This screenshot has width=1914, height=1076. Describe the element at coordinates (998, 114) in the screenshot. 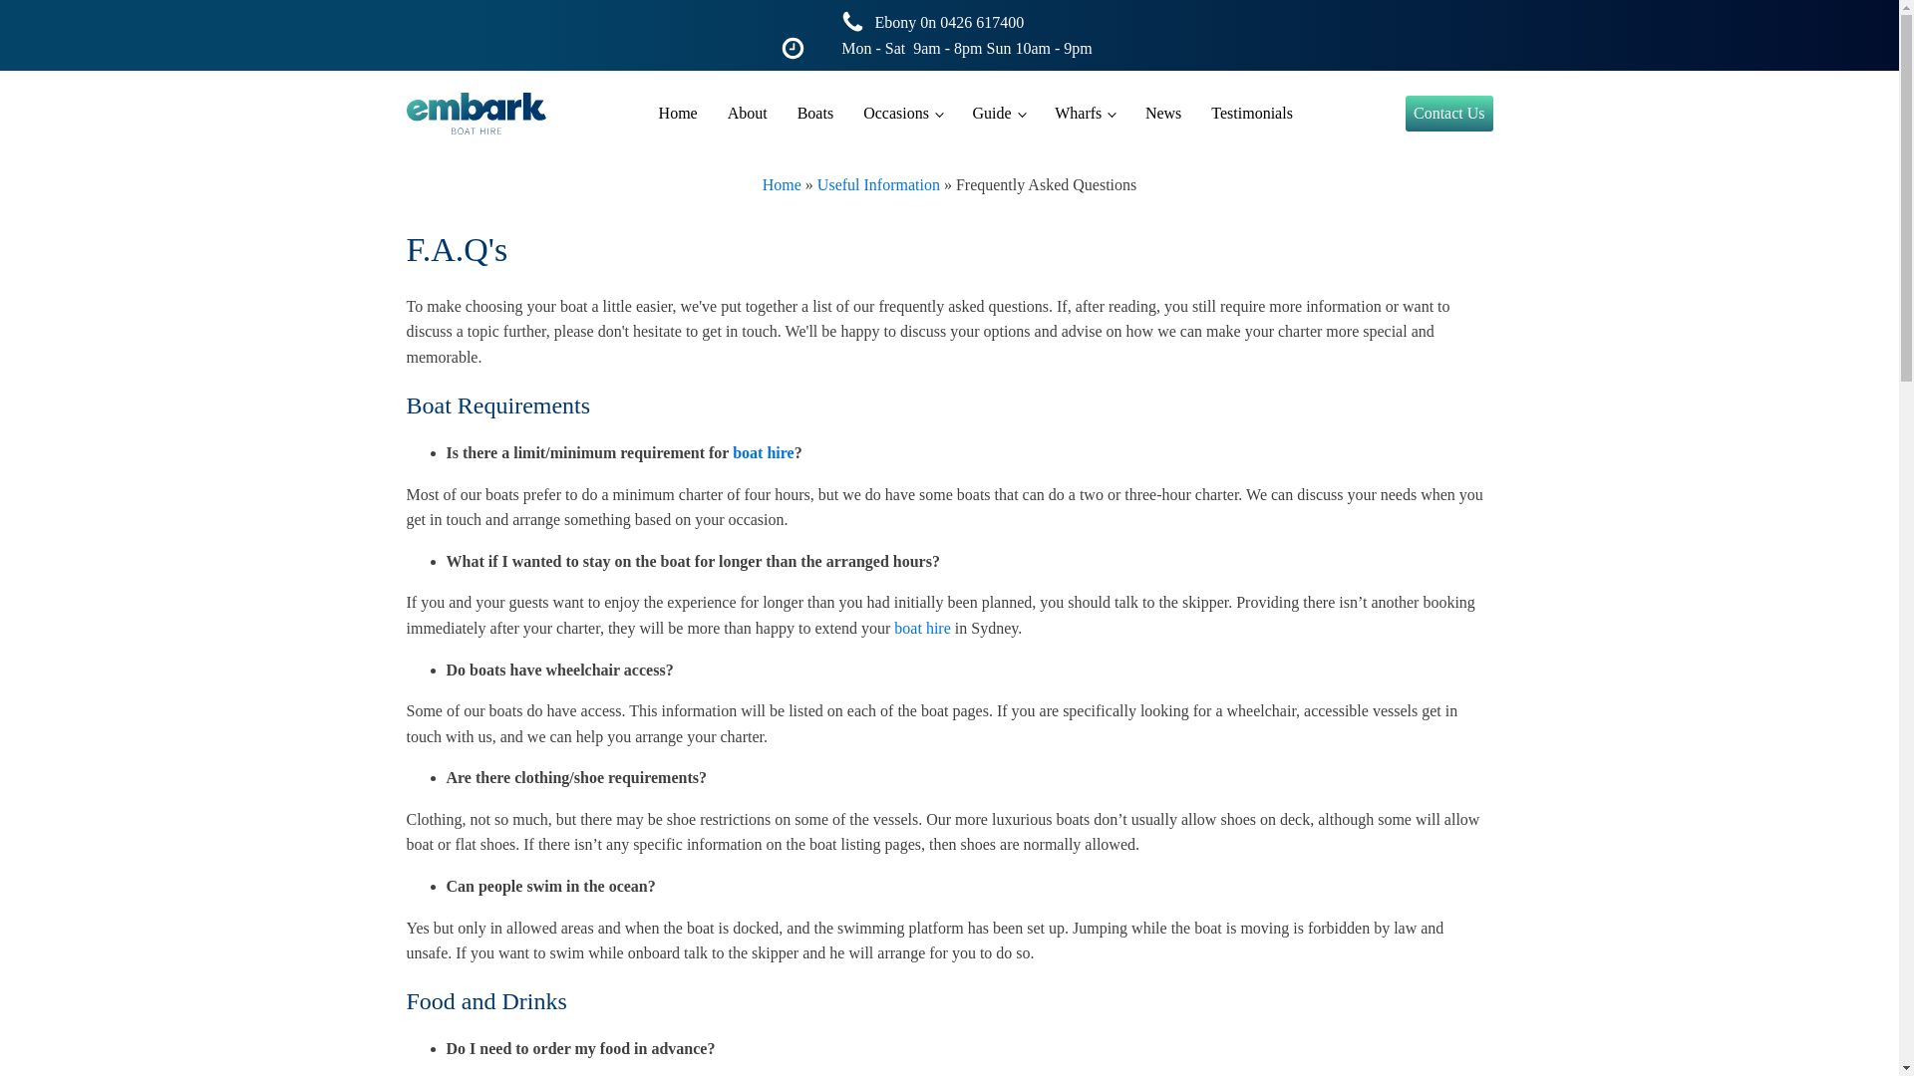

I see `'Guide'` at that location.